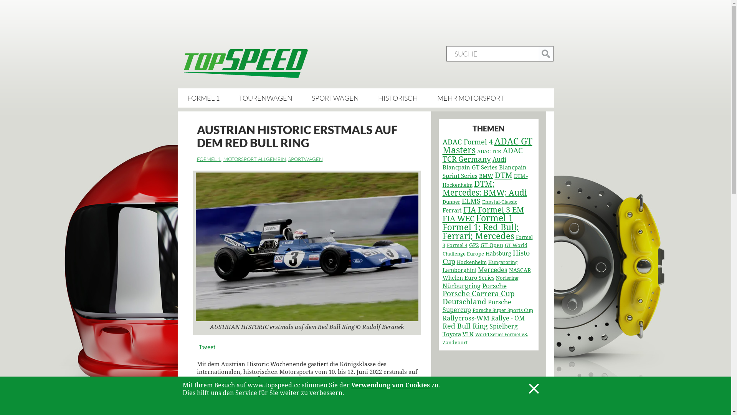  What do you see at coordinates (473, 245) in the screenshot?
I see `'GP2'` at bounding box center [473, 245].